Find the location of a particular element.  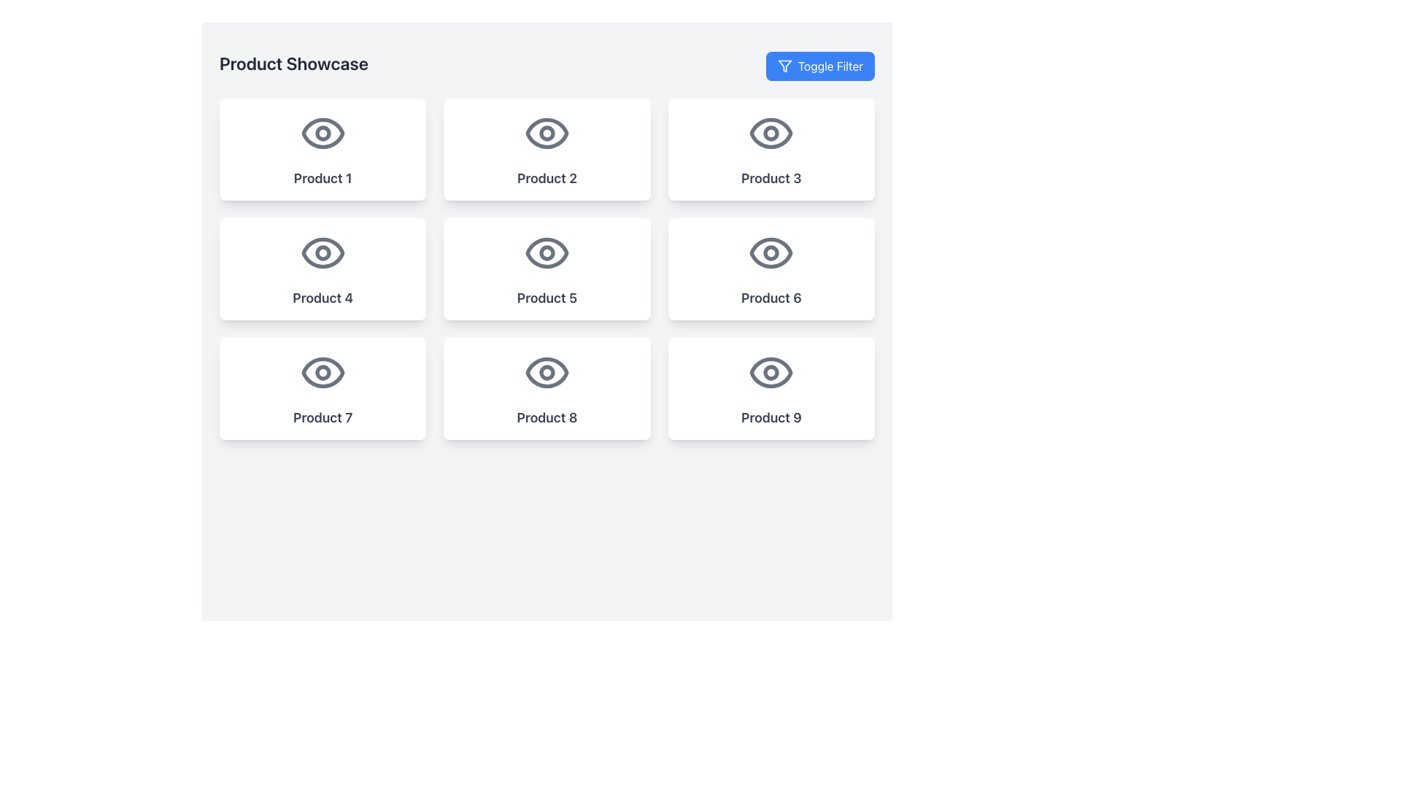

the central circular part of the 'eye' graphical icon in the 'Product 4' card located in the second row, first column of the grid layout is located at coordinates (322, 252).